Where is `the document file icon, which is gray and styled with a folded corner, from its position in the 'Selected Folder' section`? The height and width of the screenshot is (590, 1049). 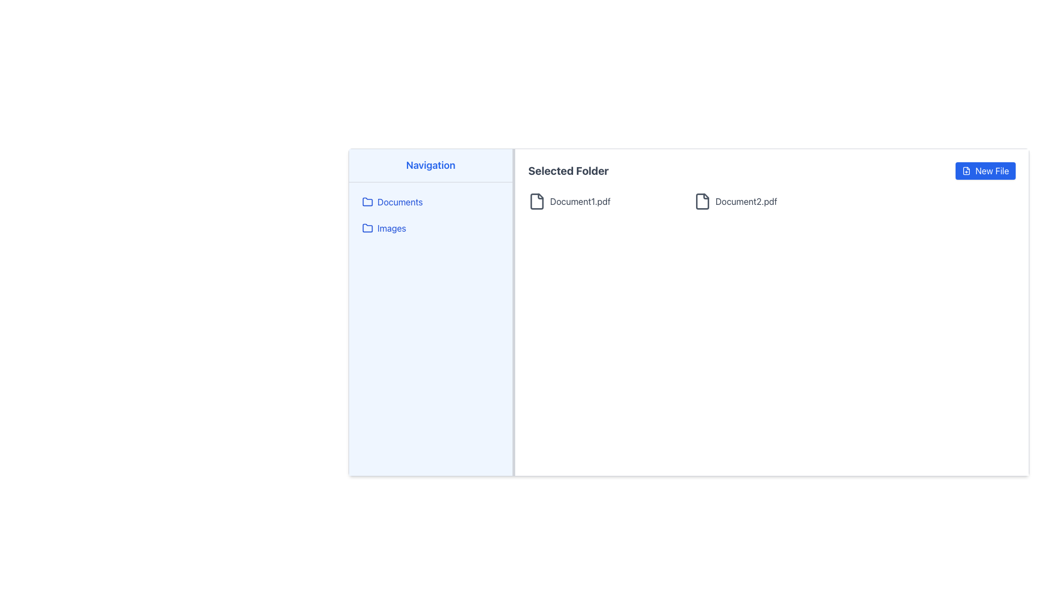 the document file icon, which is gray and styled with a folded corner, from its position in the 'Selected Folder' section is located at coordinates (537, 202).